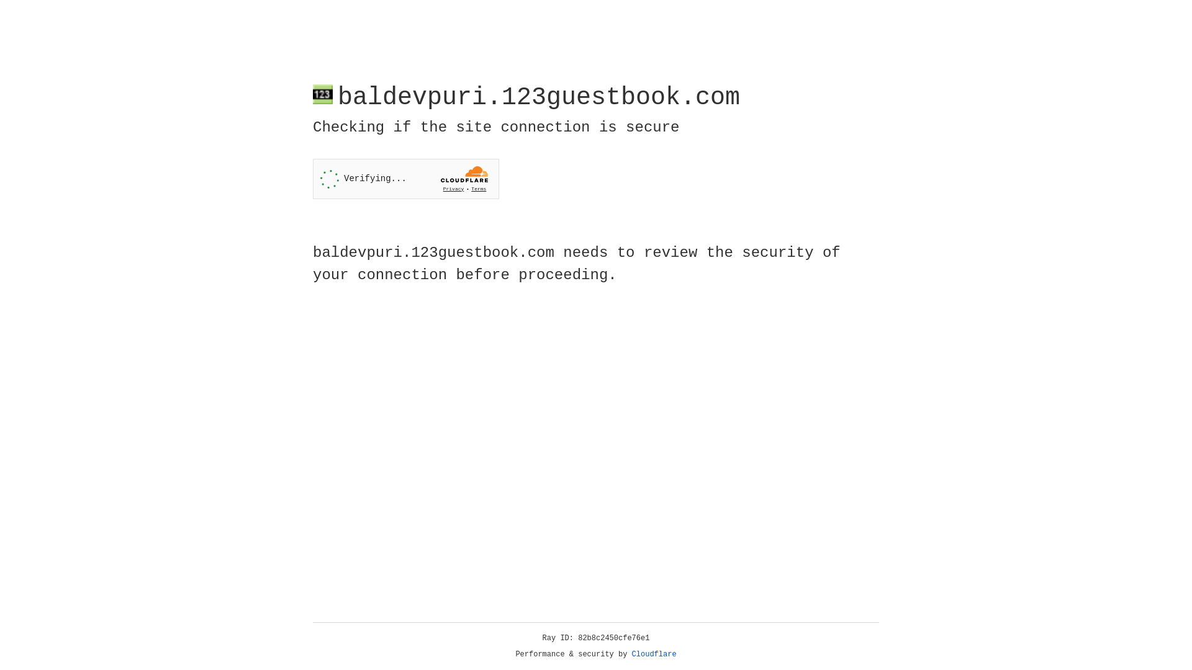 This screenshot has height=670, width=1192. Describe the element at coordinates (631, 654) in the screenshot. I see `'Cloudflare'` at that location.